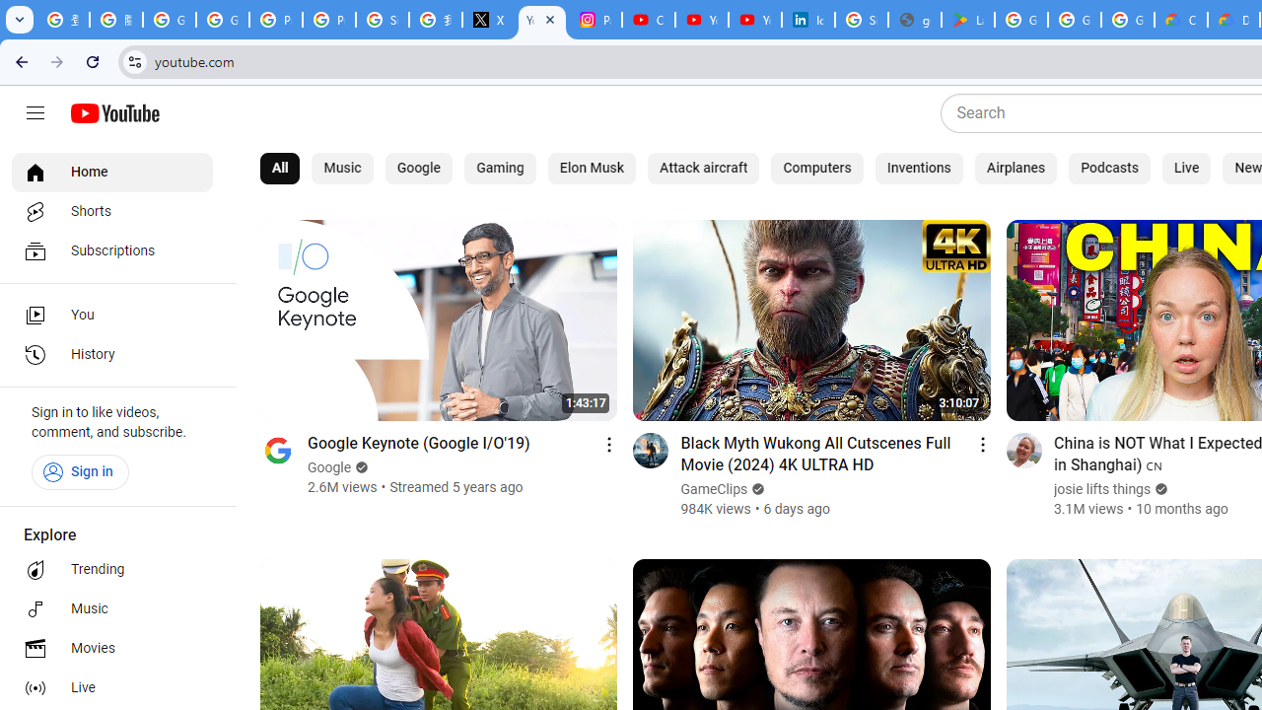 The height and width of the screenshot is (710, 1262). What do you see at coordinates (1185, 168) in the screenshot?
I see `'Live'` at bounding box center [1185, 168].